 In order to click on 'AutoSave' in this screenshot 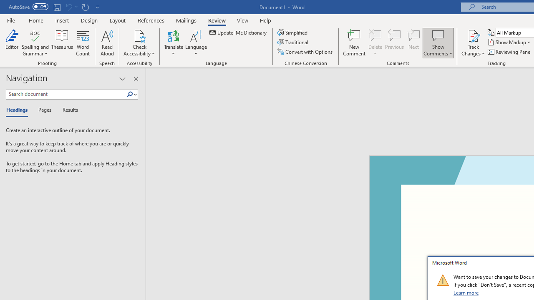, I will do `click(28, 7)`.